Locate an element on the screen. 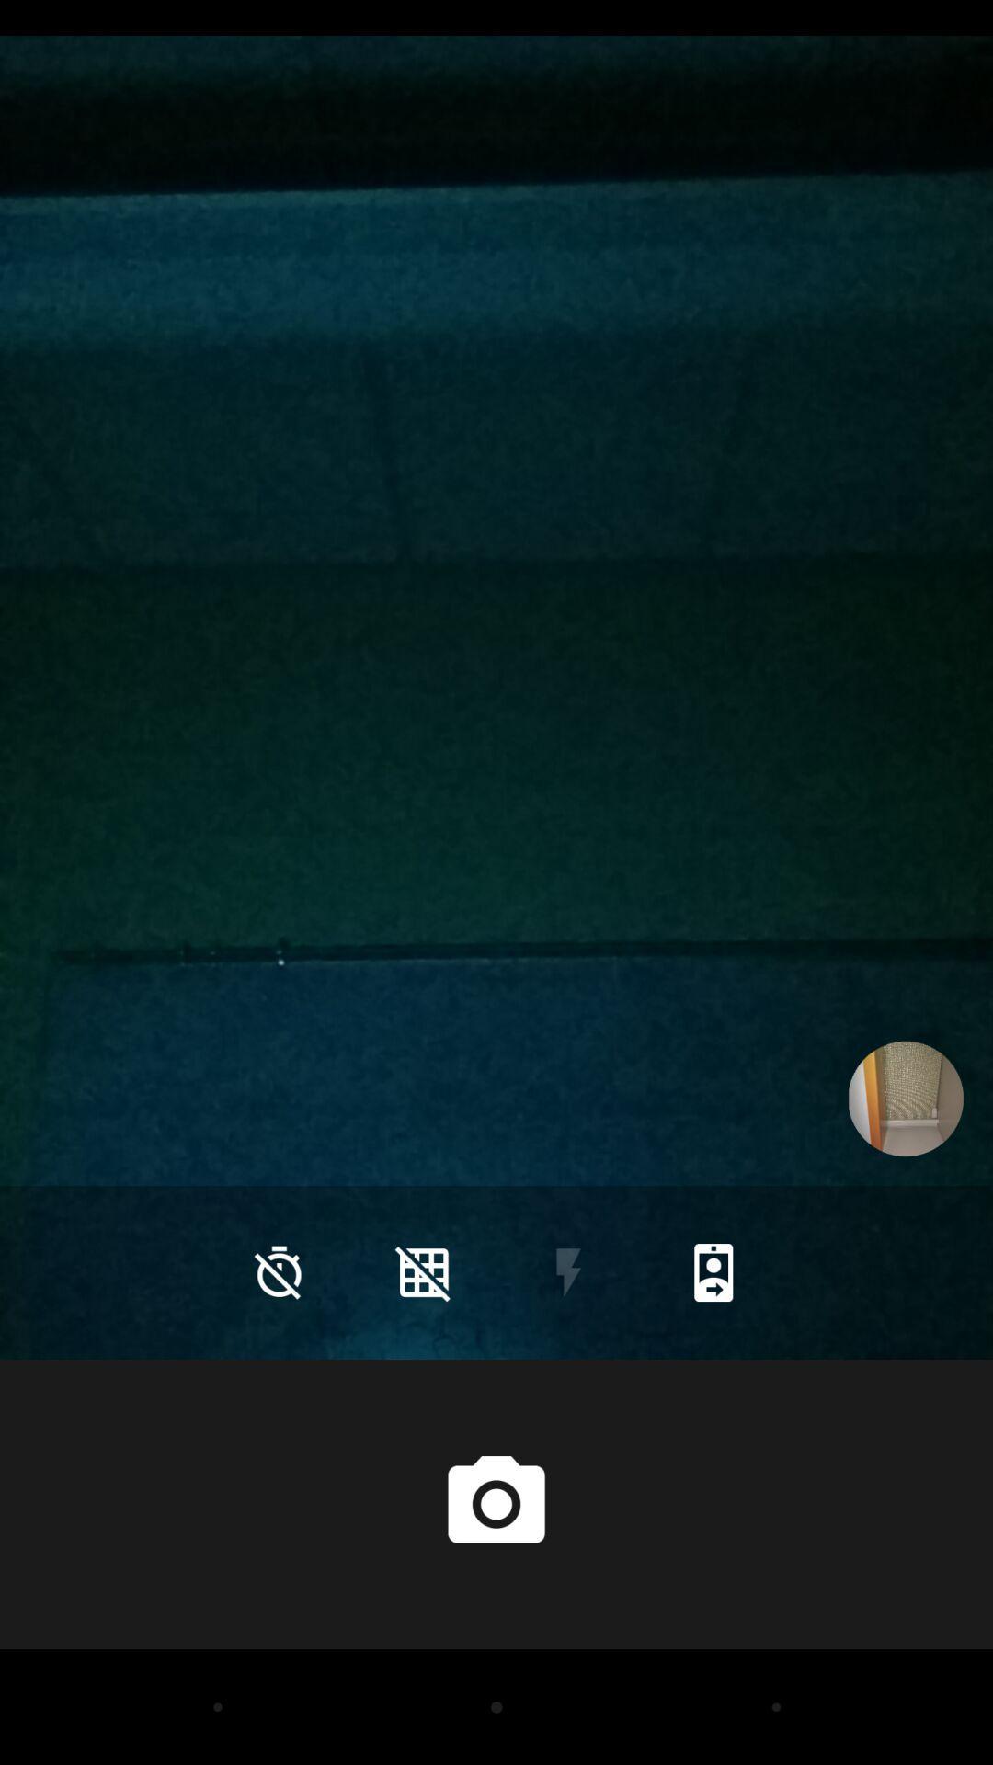  icon at the bottom right corner is located at coordinates (713, 1271).